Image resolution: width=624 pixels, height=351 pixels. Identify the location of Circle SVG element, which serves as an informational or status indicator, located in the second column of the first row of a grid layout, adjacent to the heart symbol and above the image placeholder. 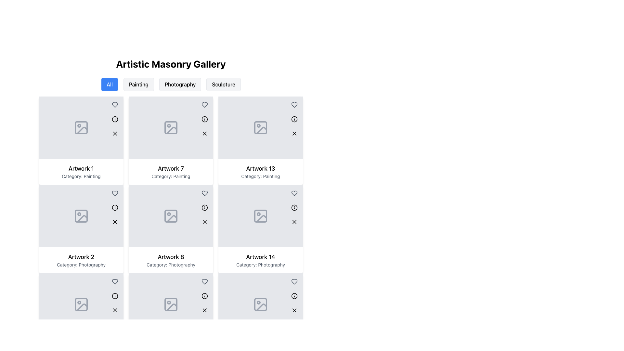
(115, 119).